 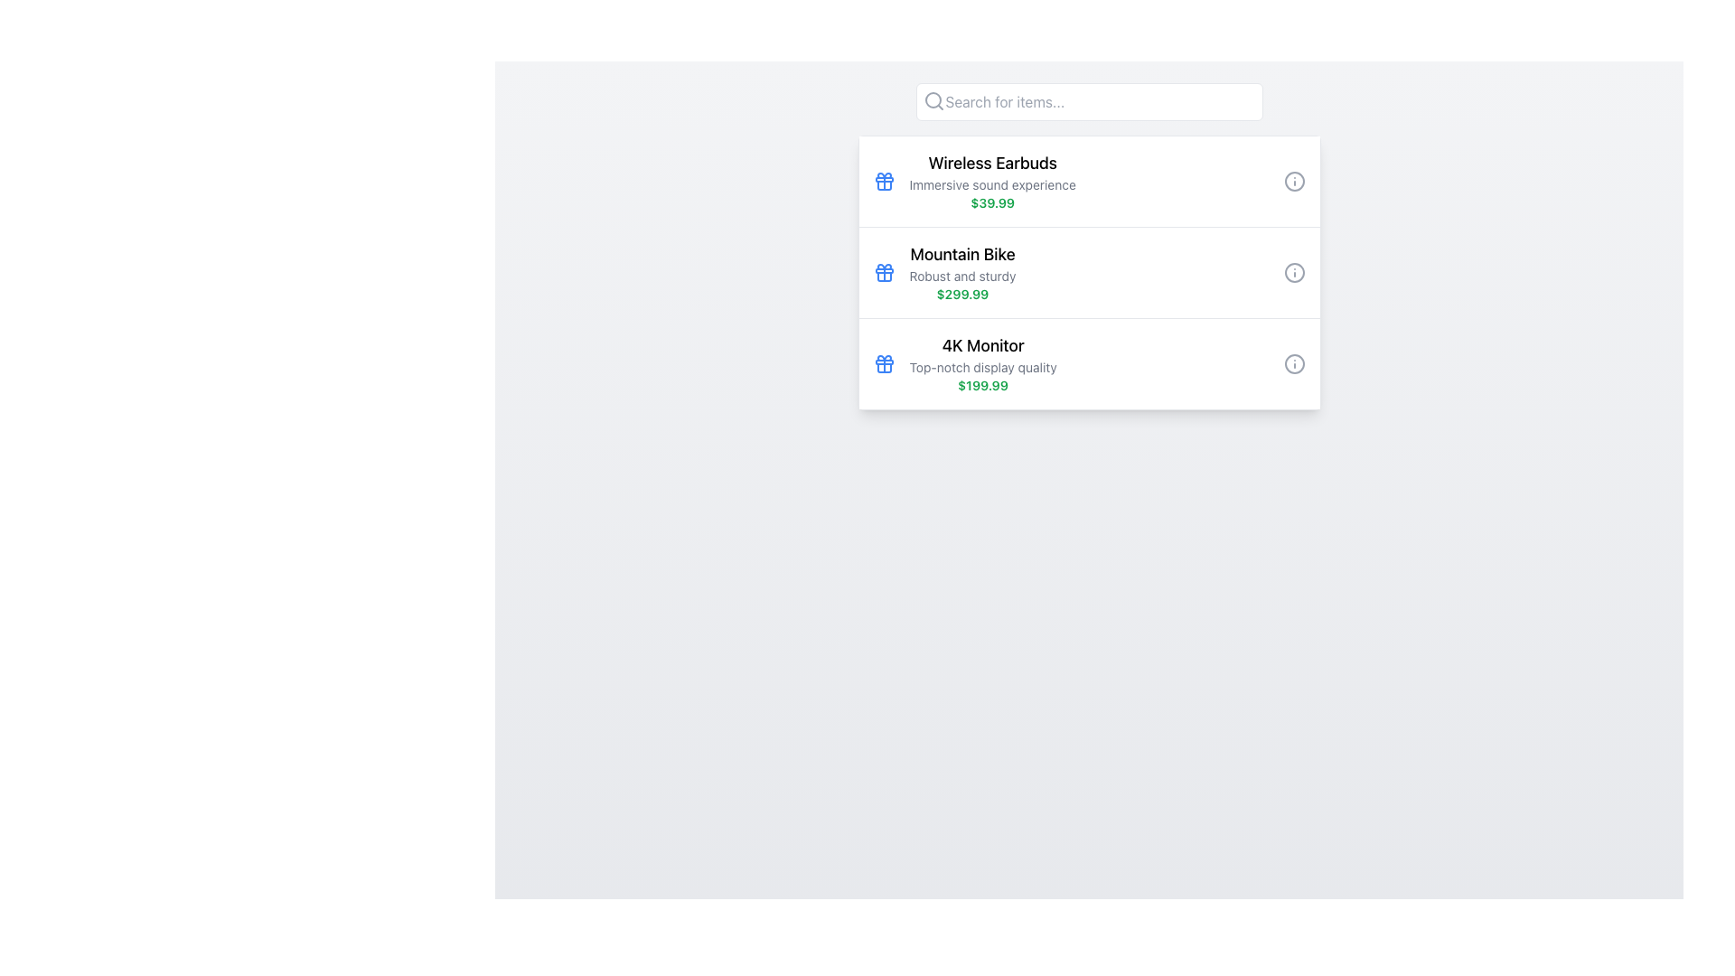 What do you see at coordinates (991, 181) in the screenshot?
I see `the product description and pricing text, which is the first item in the vertical list located to the right of a gift icon` at bounding box center [991, 181].